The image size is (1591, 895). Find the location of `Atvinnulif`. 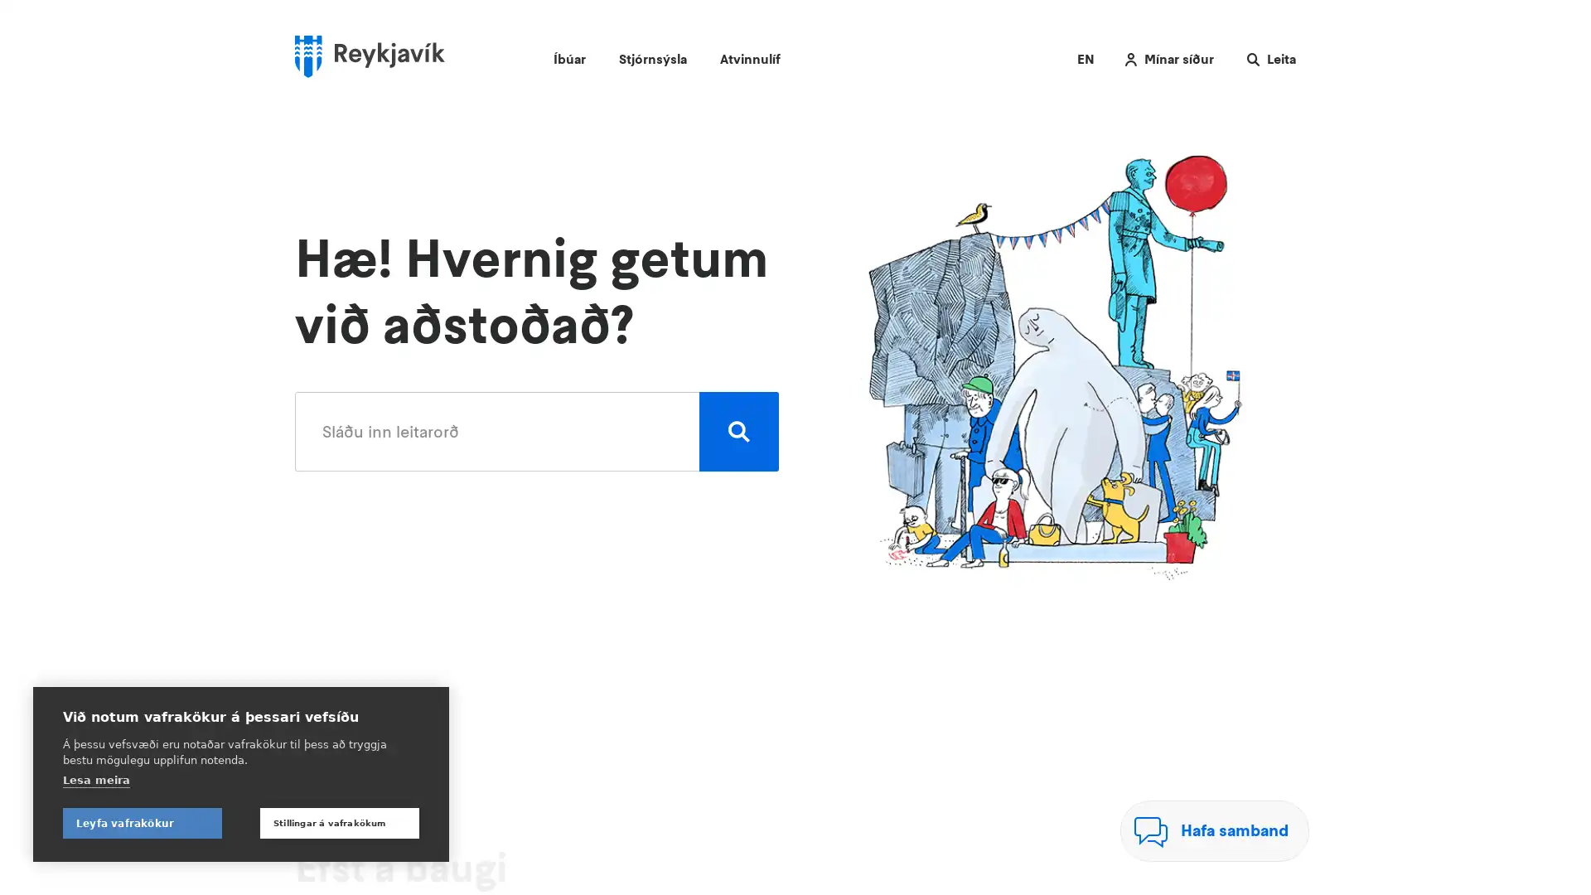

Atvinnulif is located at coordinates (749, 56).